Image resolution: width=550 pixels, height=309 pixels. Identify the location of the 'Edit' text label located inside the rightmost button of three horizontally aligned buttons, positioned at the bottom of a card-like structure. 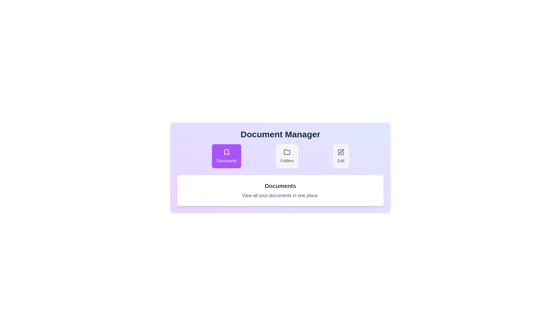
(341, 161).